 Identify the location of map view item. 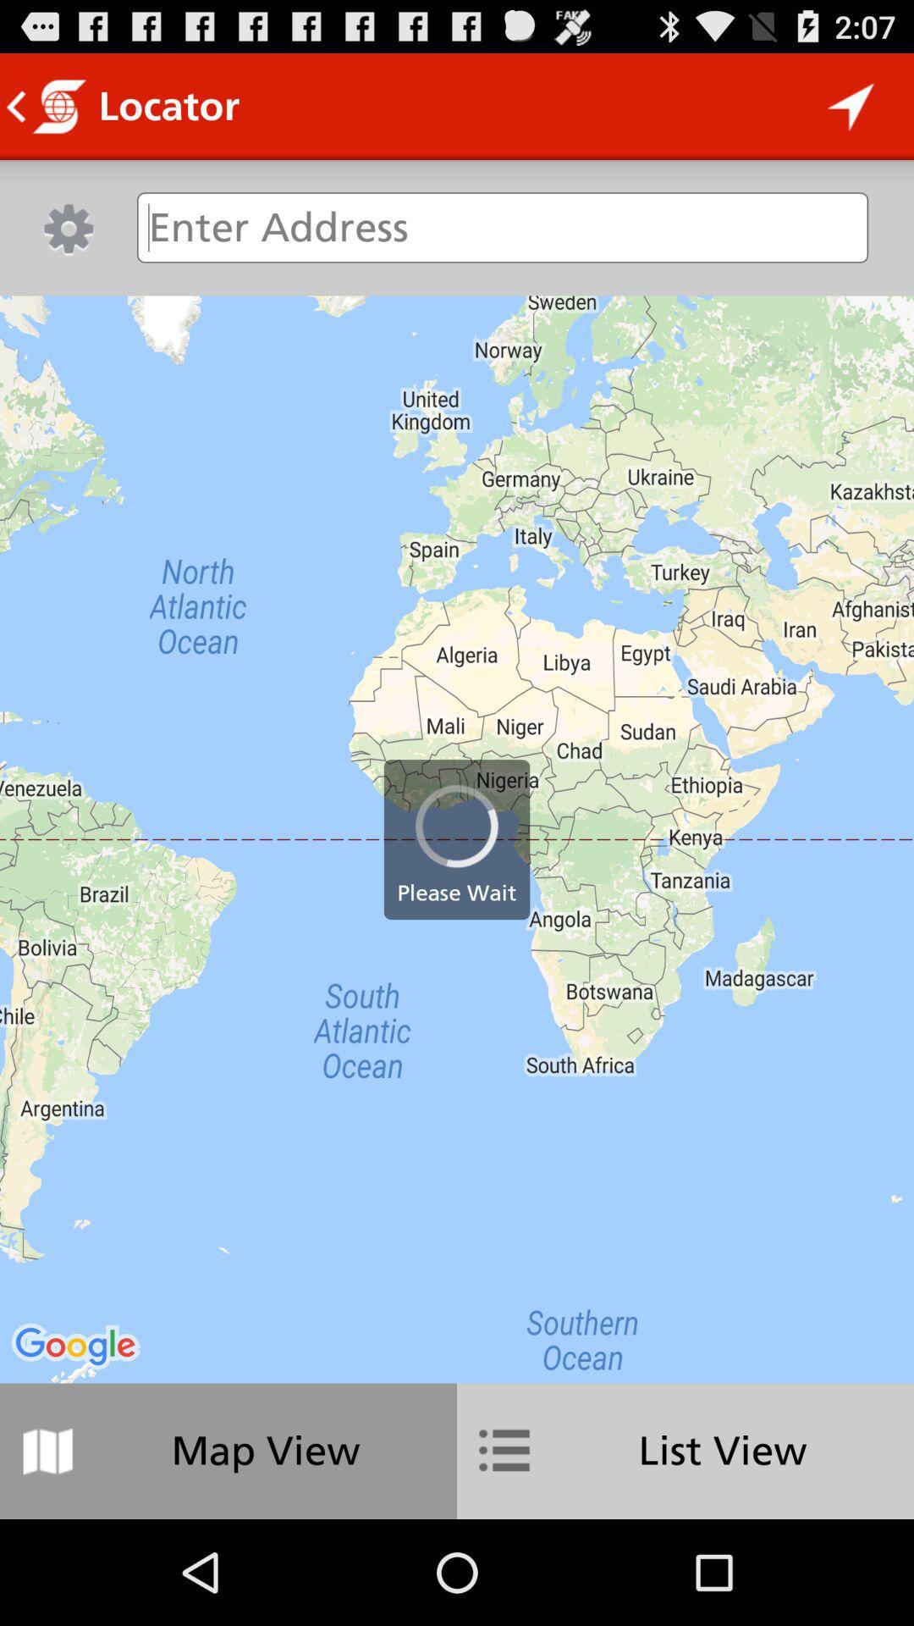
(228, 1450).